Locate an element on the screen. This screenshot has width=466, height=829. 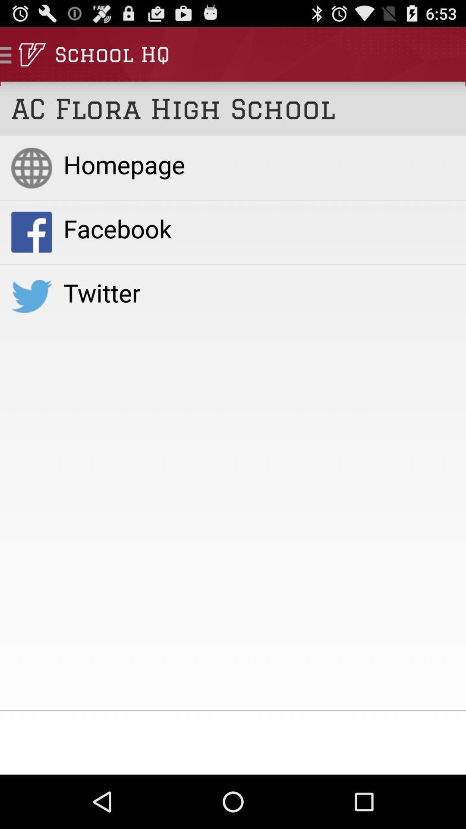
the twitter item is located at coordinates (258, 292).